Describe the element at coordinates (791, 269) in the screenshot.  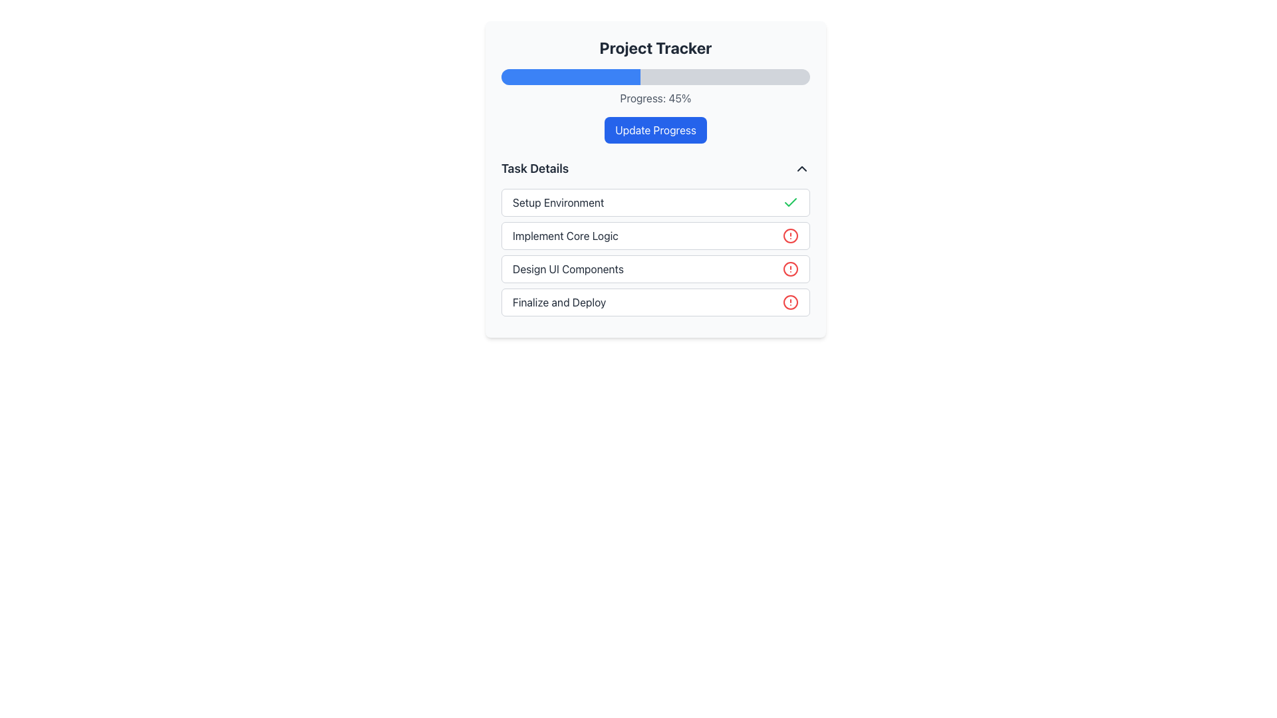
I see `the Circle element representing warning or alert status in the 'Design UI Components' task list to infer its alert status` at that location.